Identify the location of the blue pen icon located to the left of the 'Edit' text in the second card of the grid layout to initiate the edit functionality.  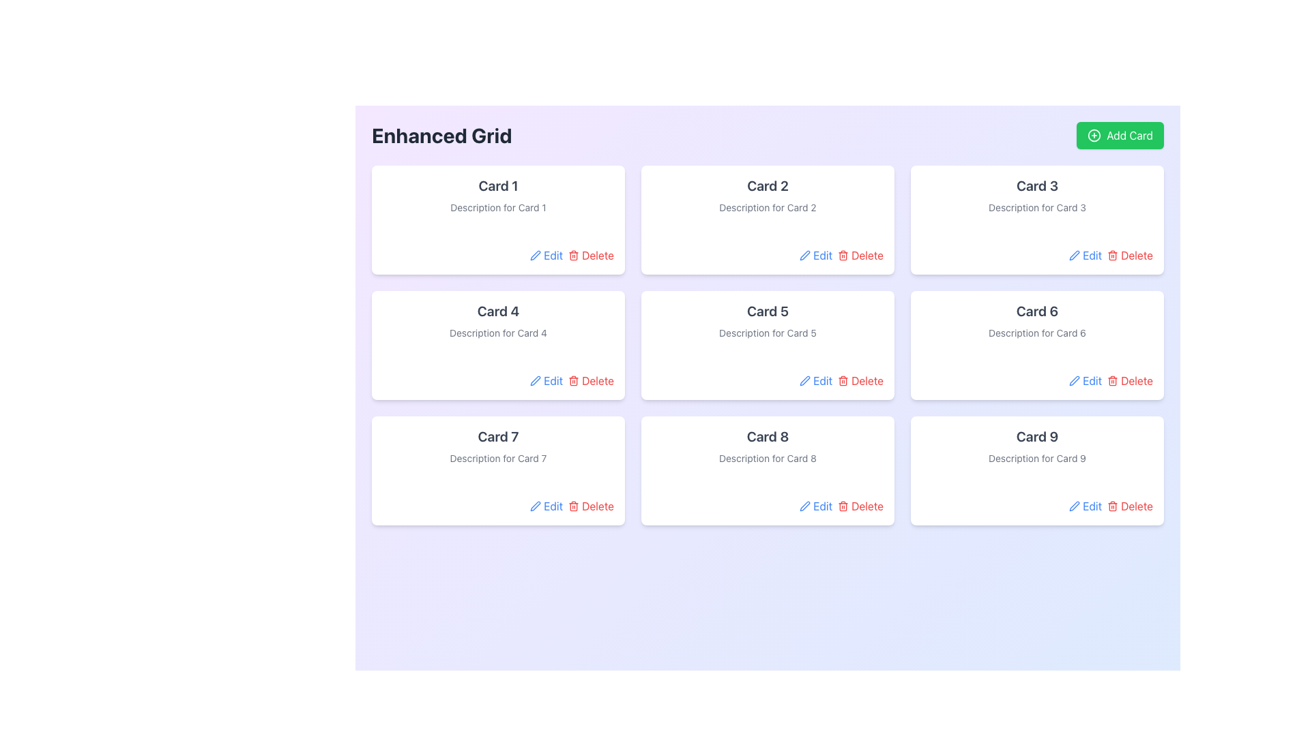
(805, 255).